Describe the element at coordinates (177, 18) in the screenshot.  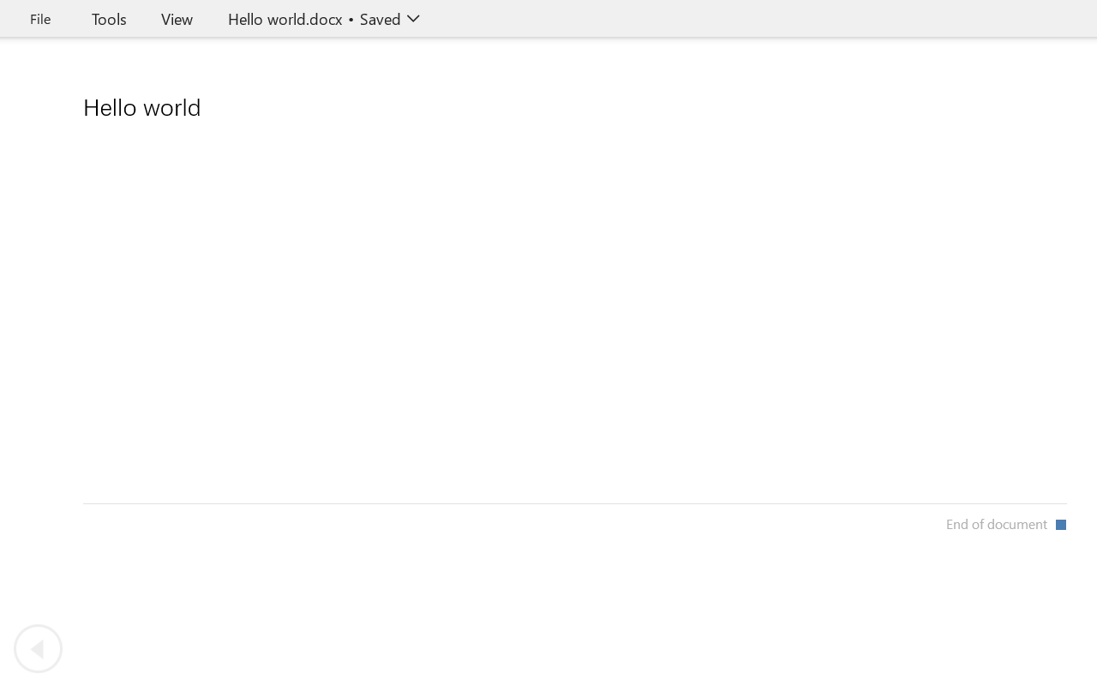
I see `'View'` at that location.